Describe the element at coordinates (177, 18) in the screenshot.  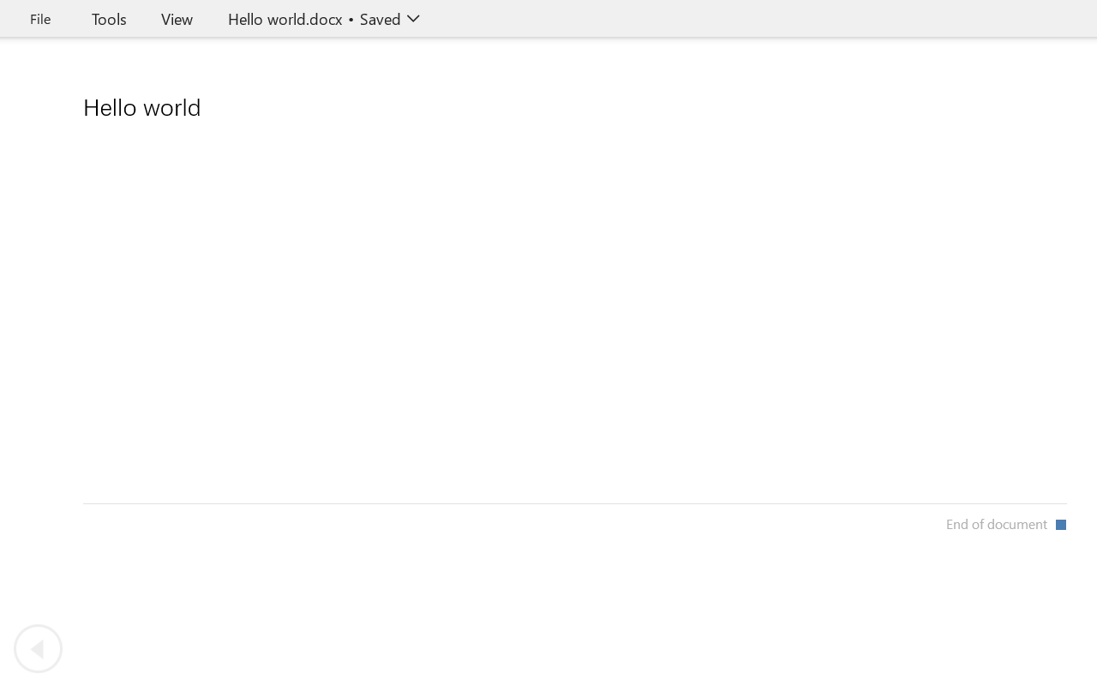
I see `'View'` at that location.